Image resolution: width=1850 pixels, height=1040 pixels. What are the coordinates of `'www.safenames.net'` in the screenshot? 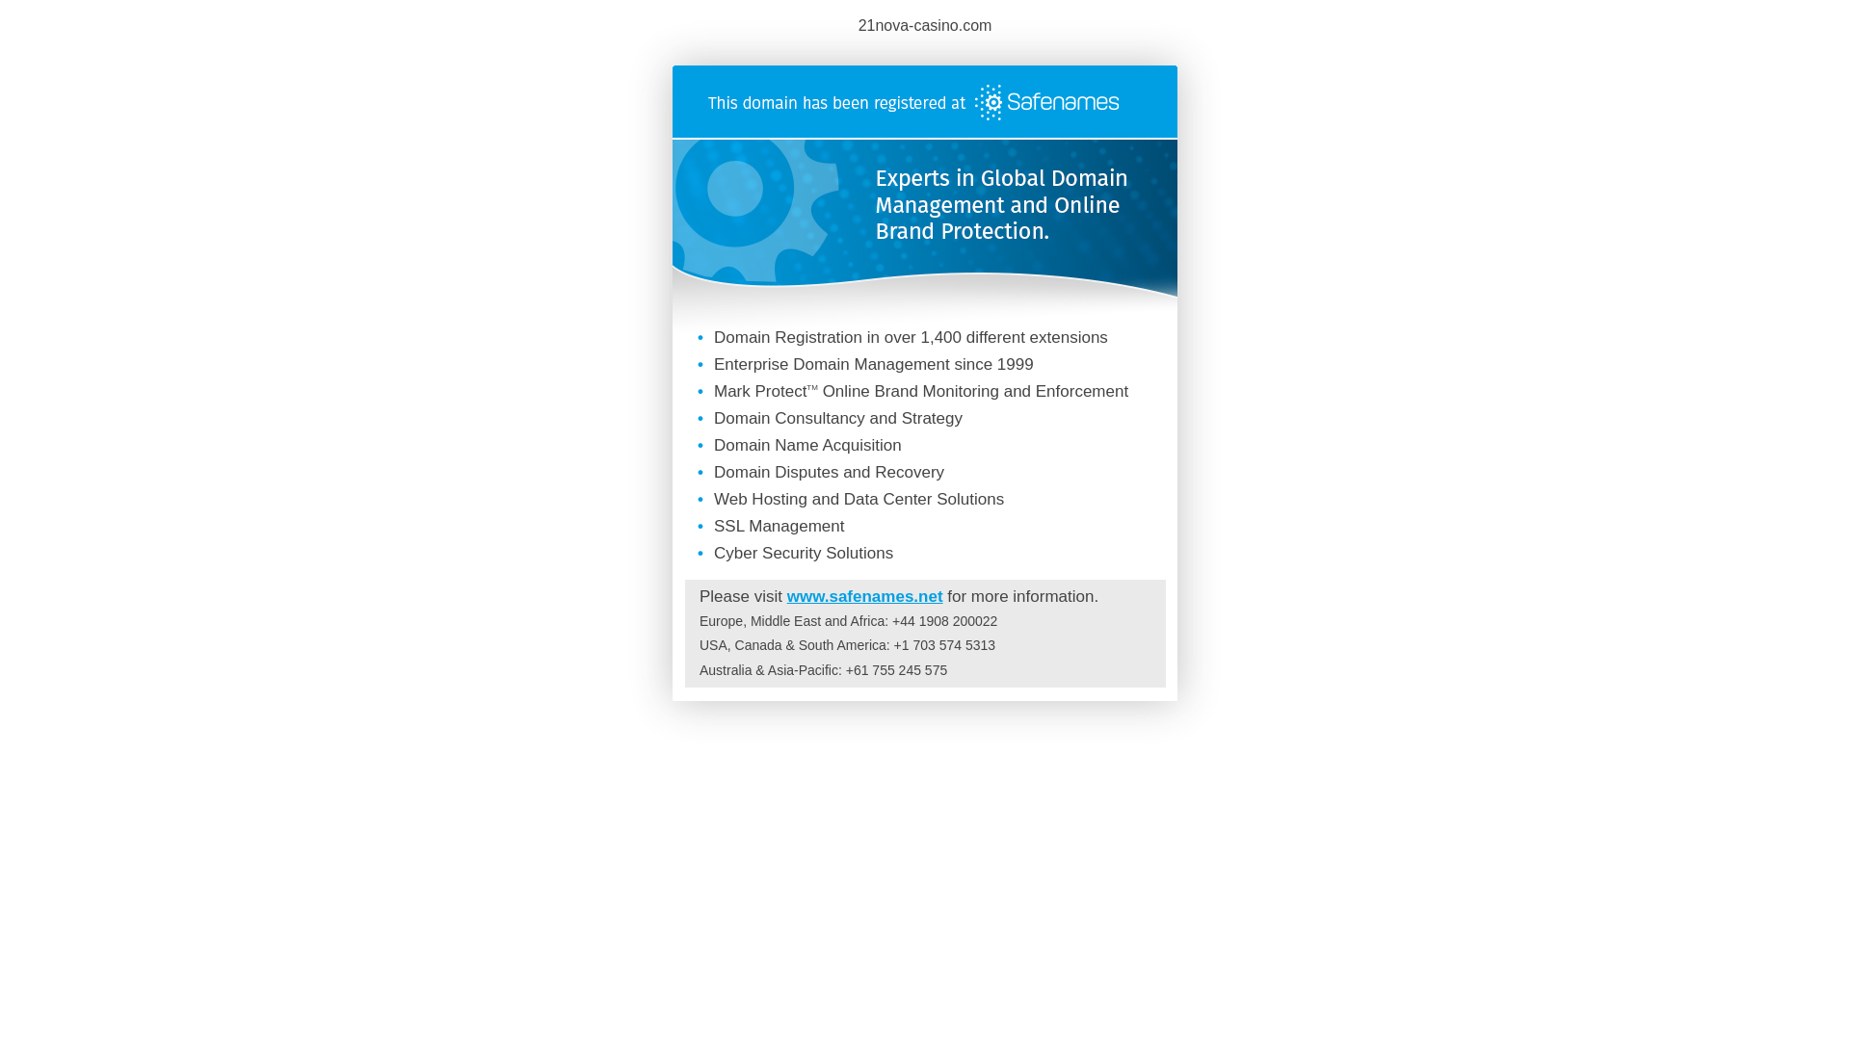 It's located at (863, 595).